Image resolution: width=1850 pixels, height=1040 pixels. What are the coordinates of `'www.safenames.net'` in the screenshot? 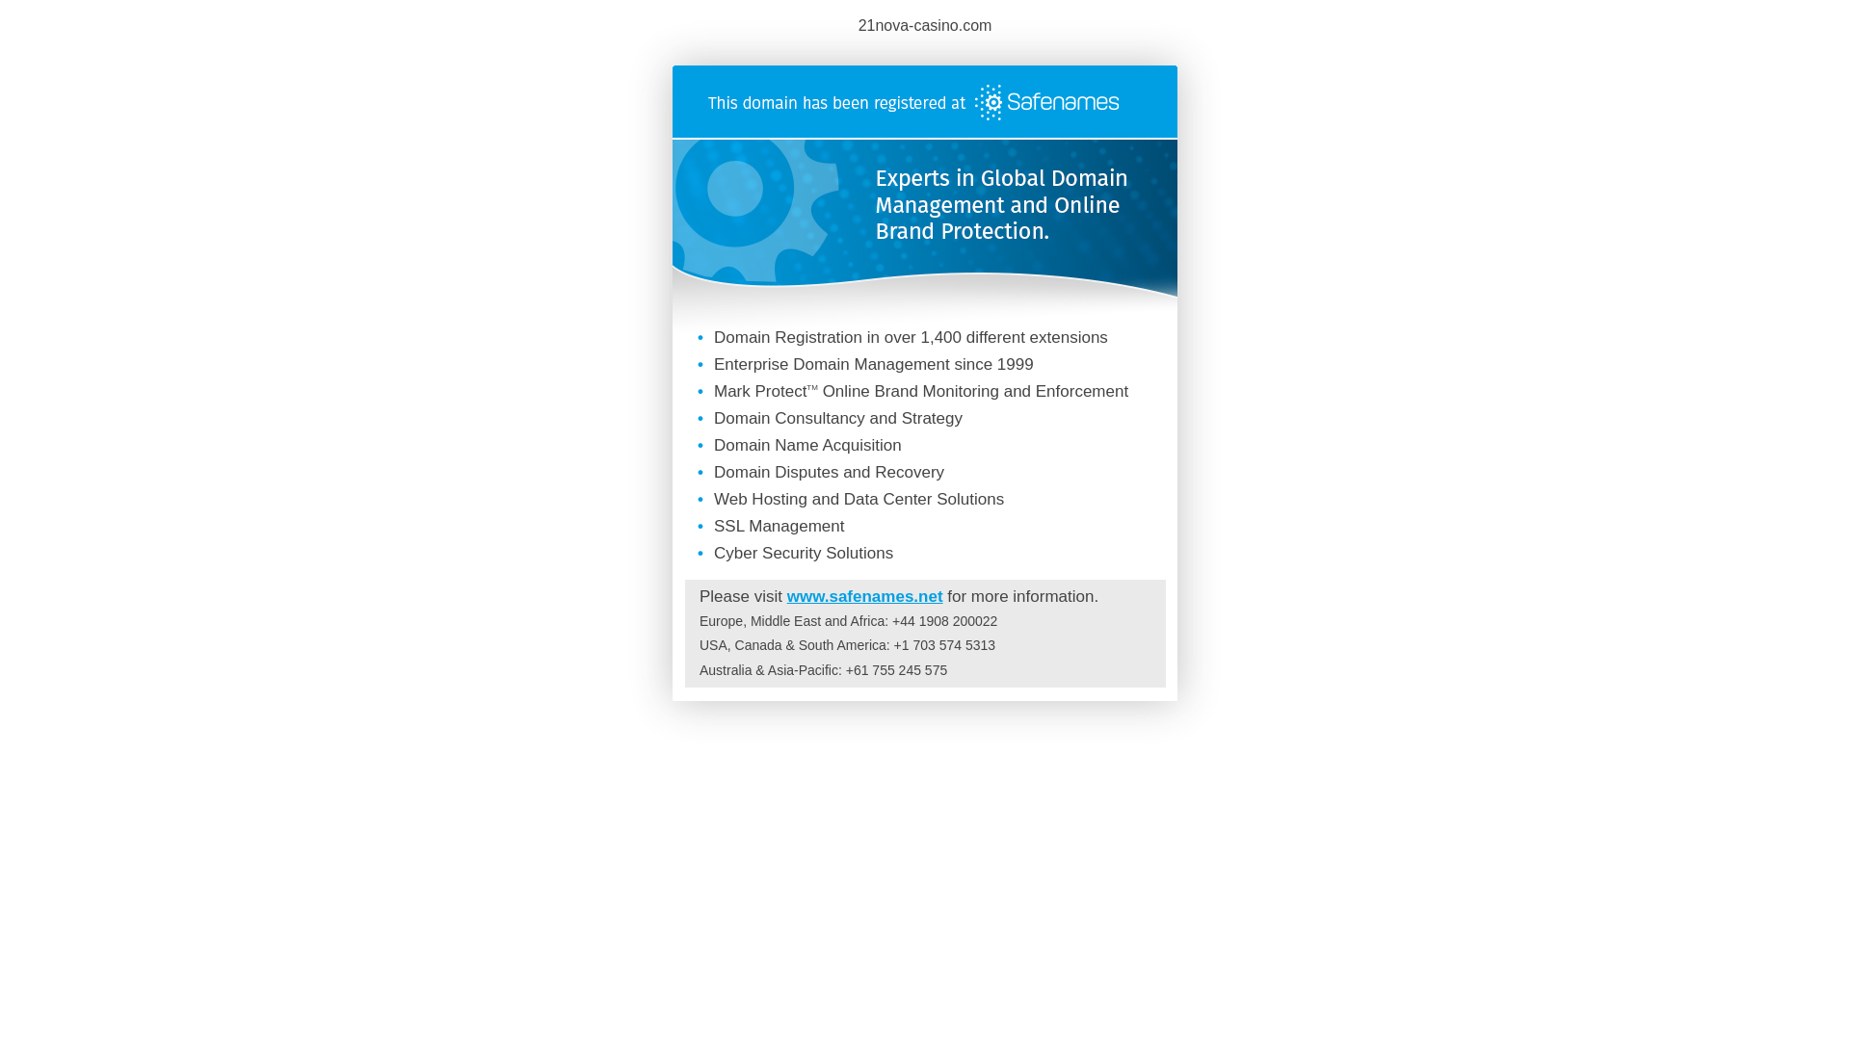 It's located at (863, 595).